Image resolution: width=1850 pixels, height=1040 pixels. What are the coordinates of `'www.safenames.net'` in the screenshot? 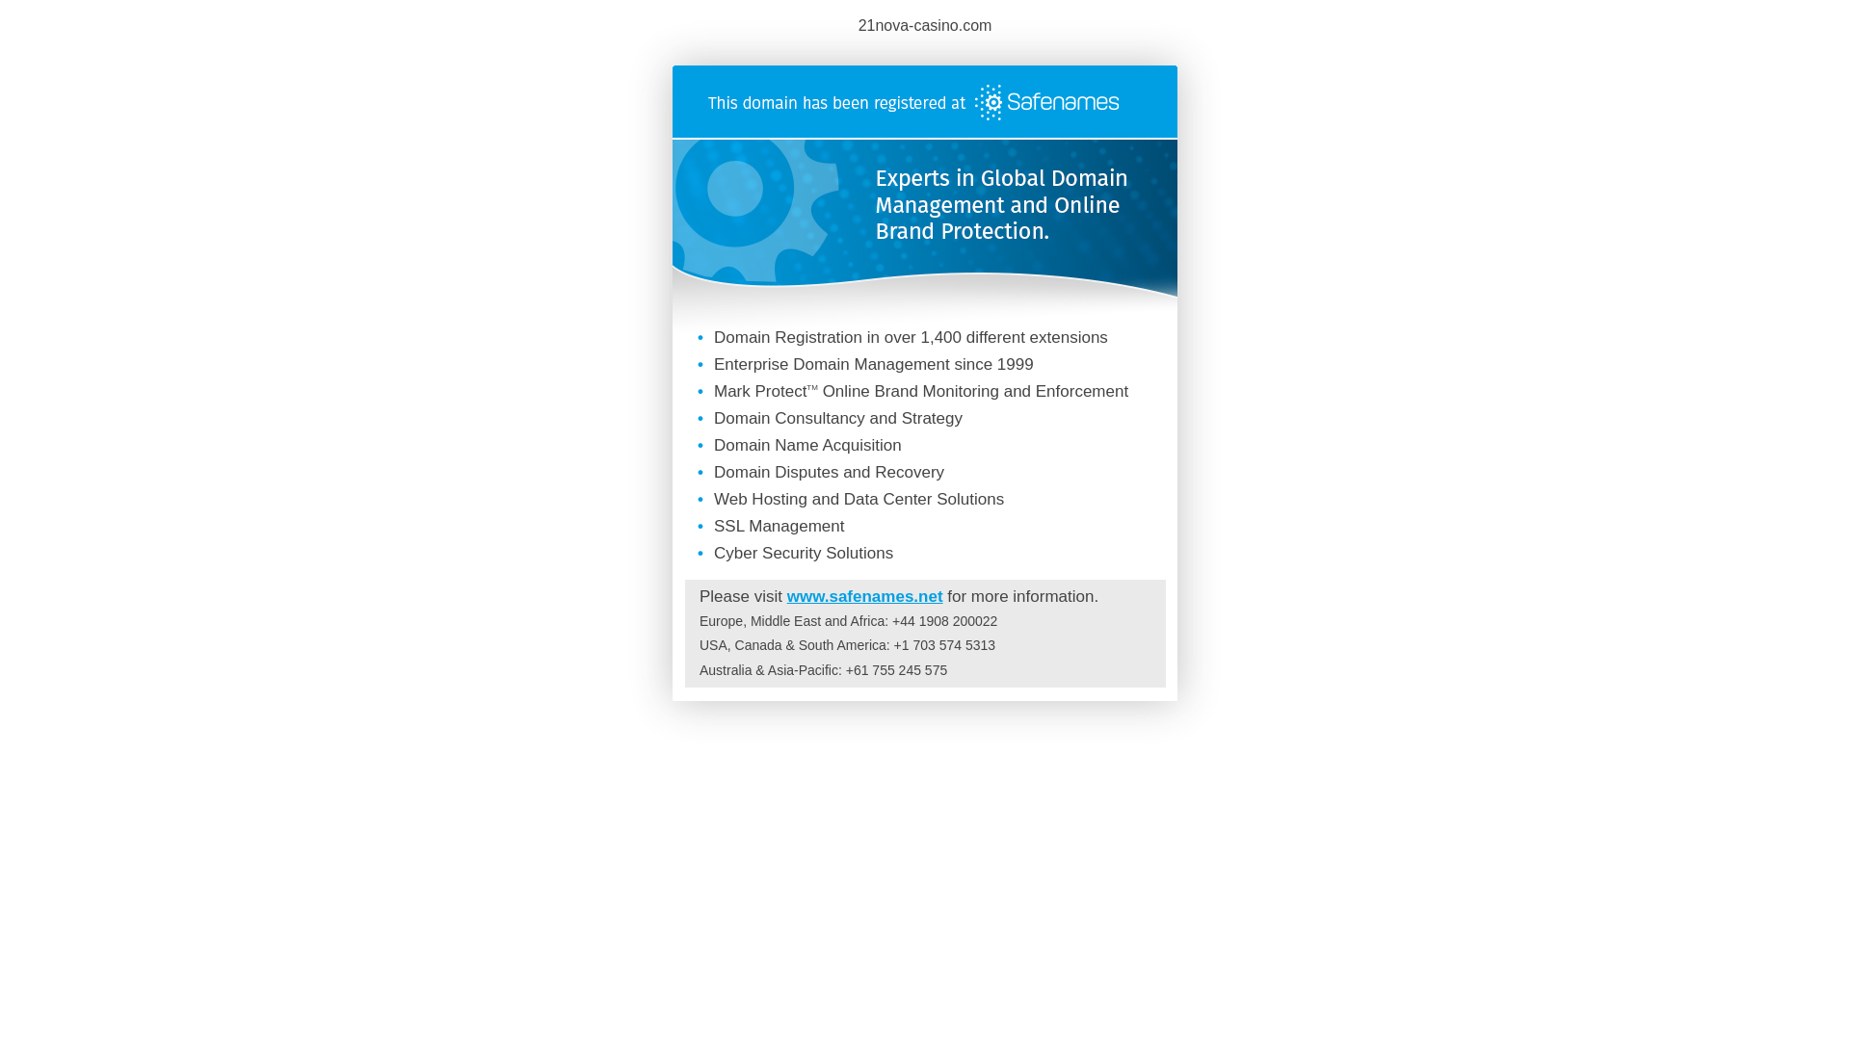 It's located at (863, 595).